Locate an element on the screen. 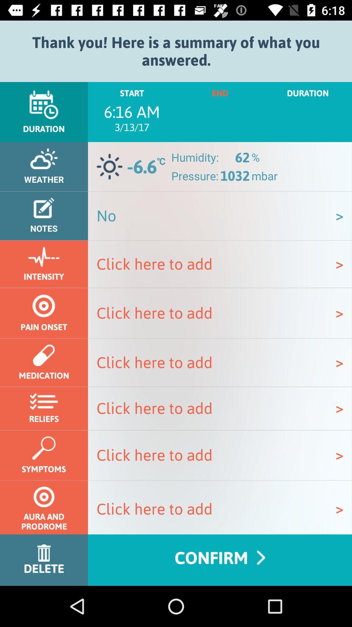  the text which is left to image reliefs is located at coordinates (220, 408).